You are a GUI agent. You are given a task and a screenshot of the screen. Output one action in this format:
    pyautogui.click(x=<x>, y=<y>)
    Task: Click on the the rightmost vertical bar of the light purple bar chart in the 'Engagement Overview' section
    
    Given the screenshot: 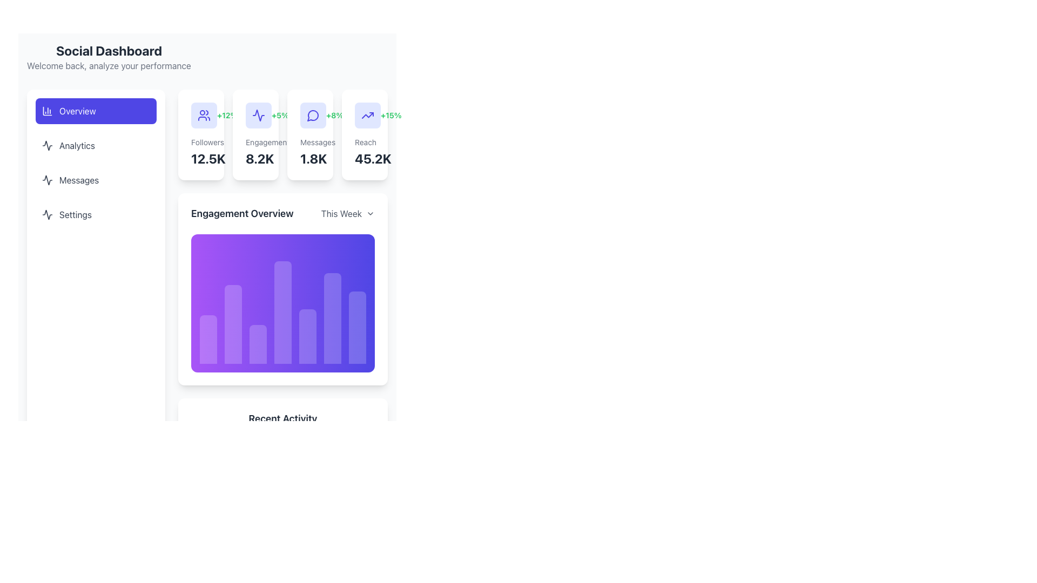 What is the action you would take?
    pyautogui.click(x=358, y=326)
    